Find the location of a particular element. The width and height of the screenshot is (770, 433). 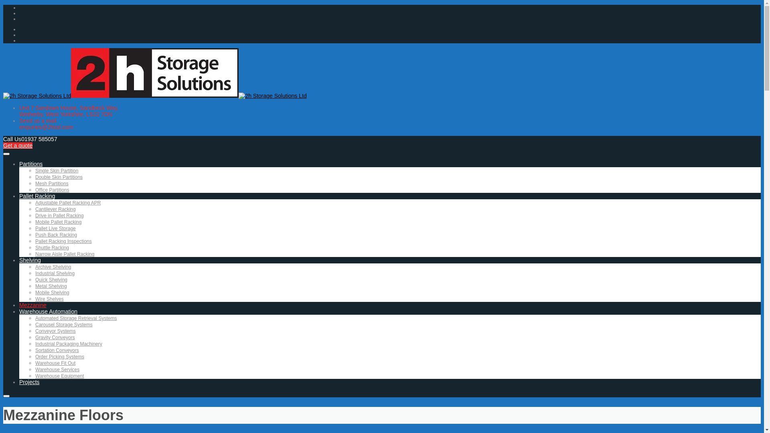

'Automated Storage Retrieval Systems' is located at coordinates (76, 318).